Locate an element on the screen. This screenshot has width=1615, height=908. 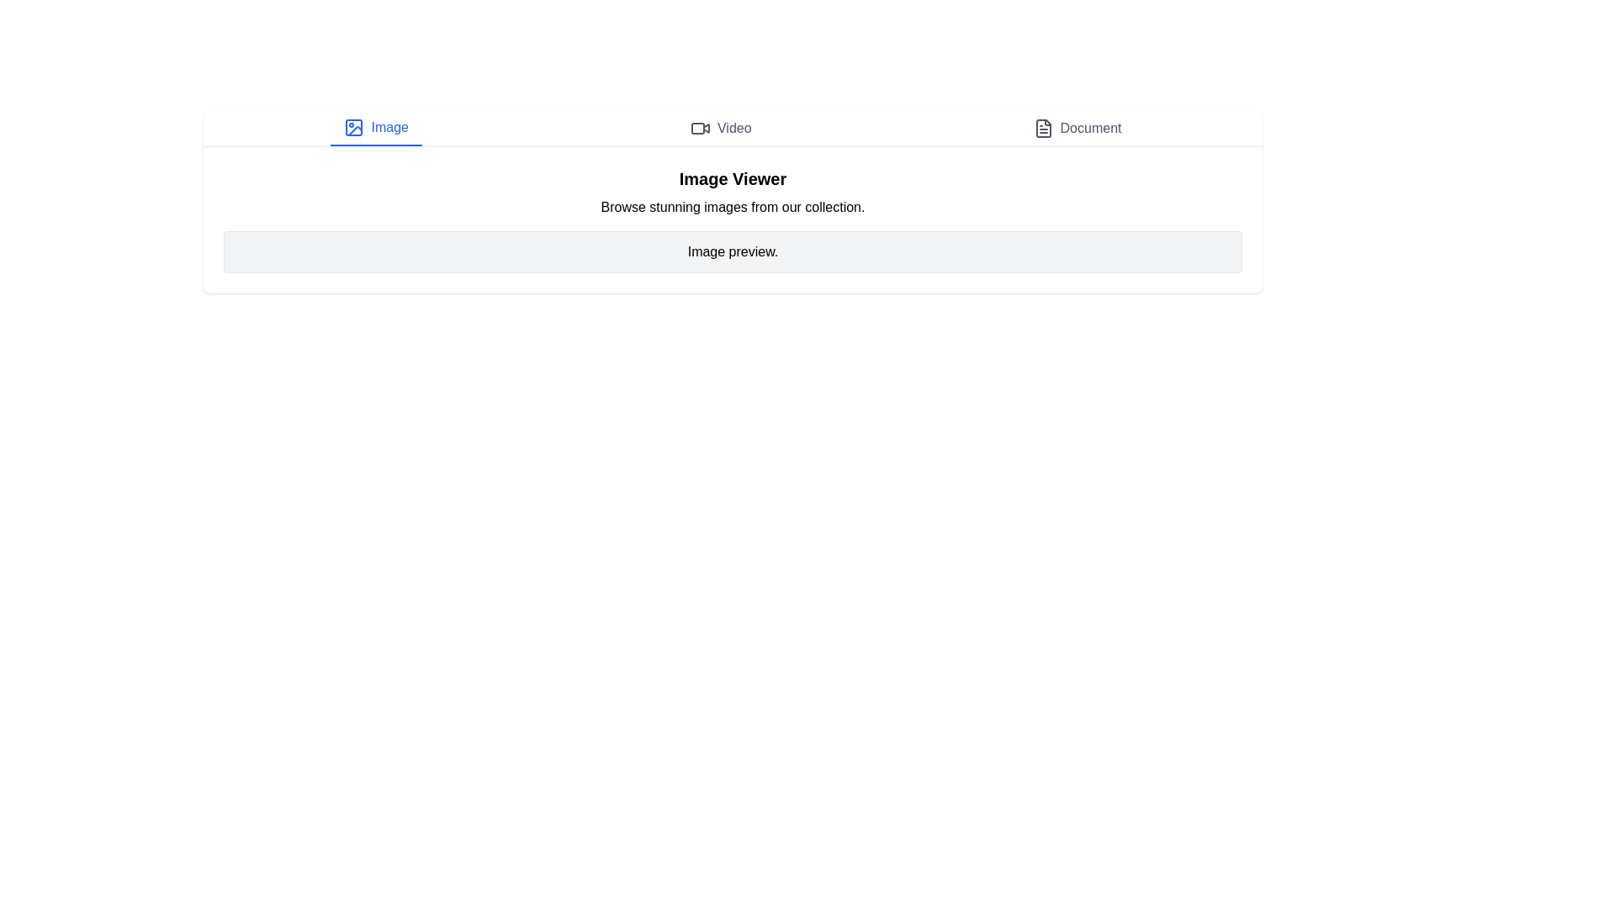
the Video tab by clicking on it is located at coordinates (721, 128).